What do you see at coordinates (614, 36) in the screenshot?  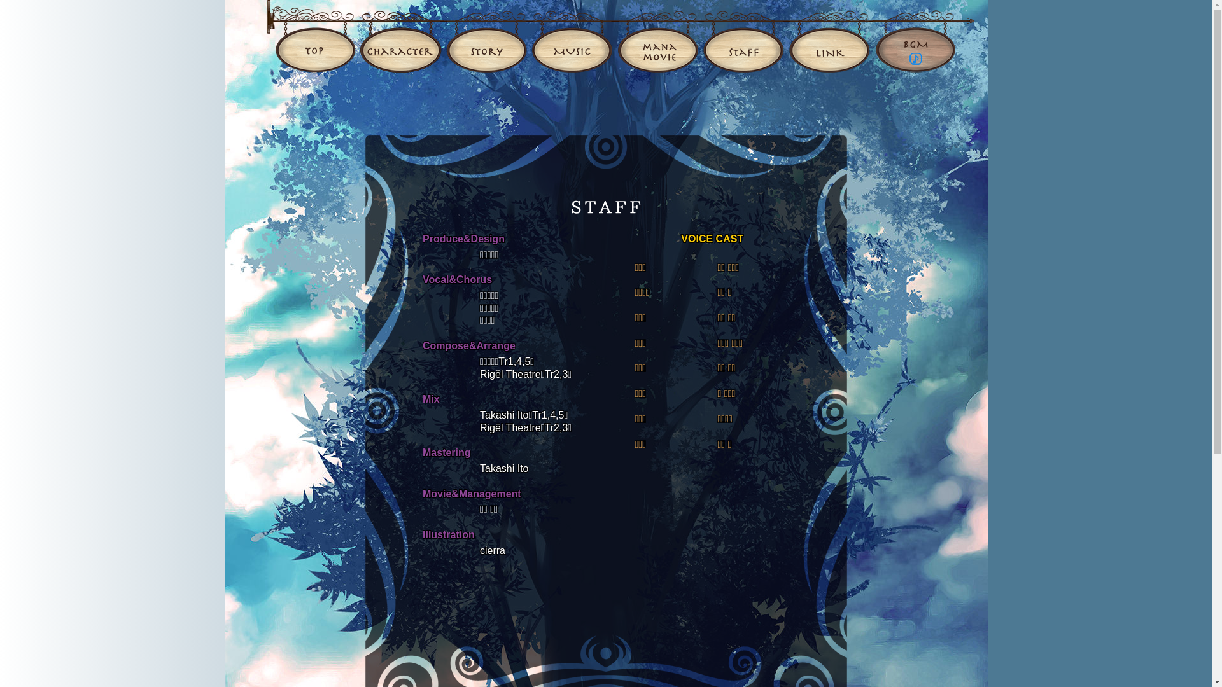 I see `'MANAMOVIE'` at bounding box center [614, 36].